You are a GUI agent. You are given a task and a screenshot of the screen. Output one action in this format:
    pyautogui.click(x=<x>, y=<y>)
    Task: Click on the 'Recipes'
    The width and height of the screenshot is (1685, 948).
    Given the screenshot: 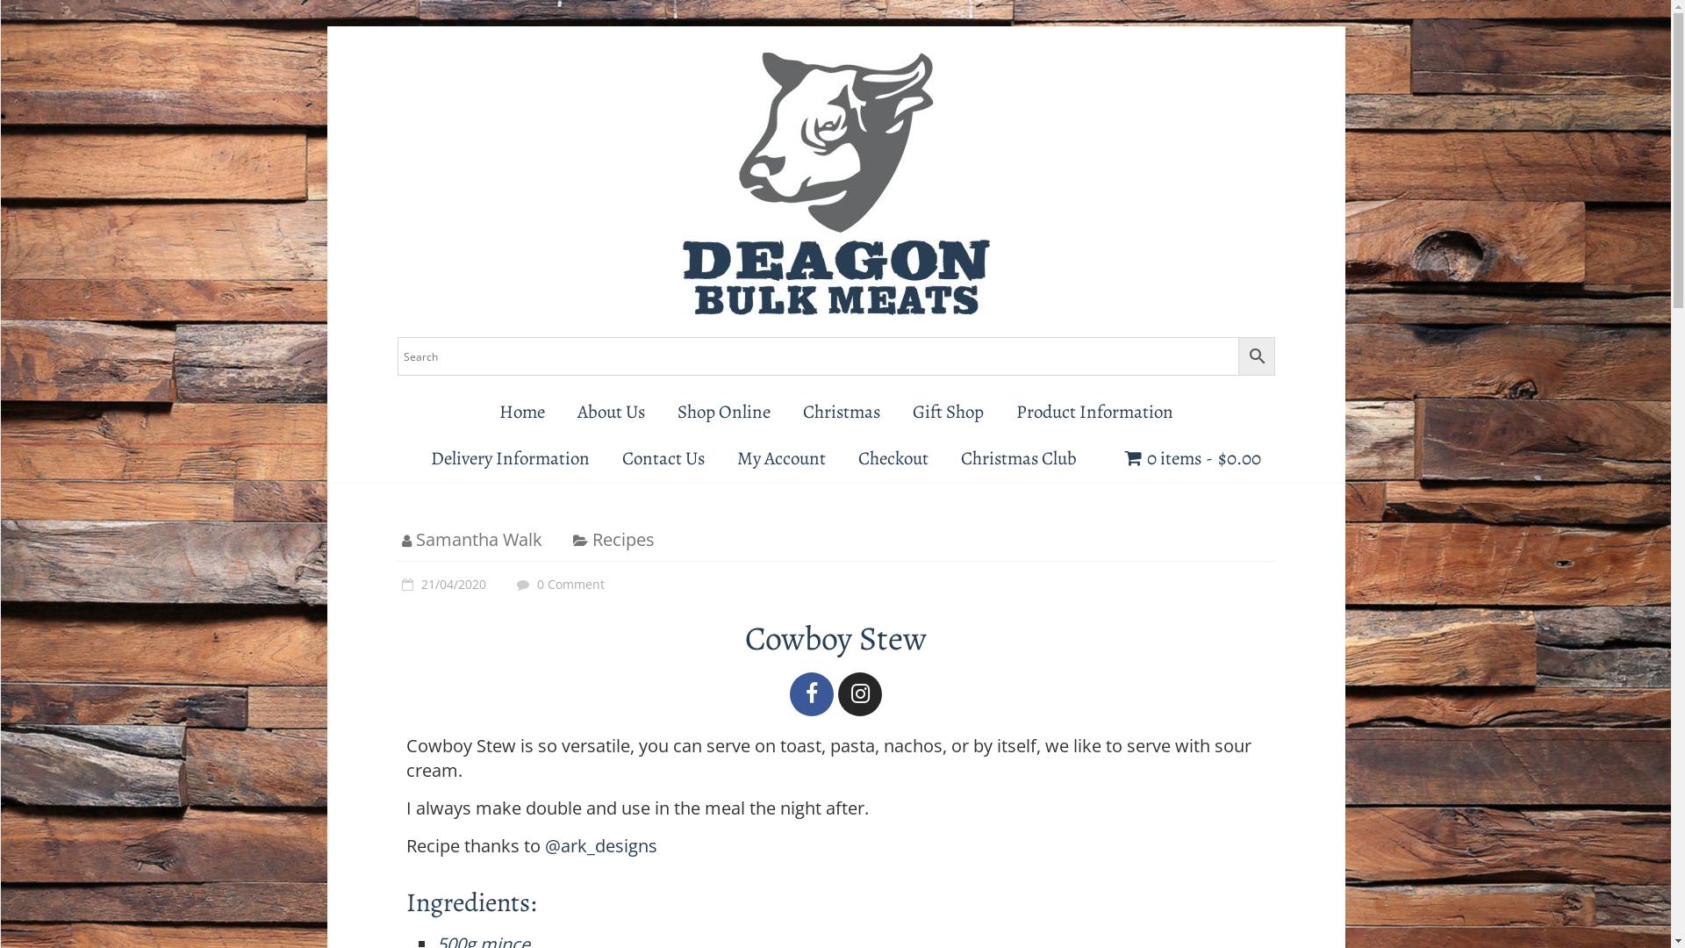 What is the action you would take?
    pyautogui.click(x=622, y=538)
    